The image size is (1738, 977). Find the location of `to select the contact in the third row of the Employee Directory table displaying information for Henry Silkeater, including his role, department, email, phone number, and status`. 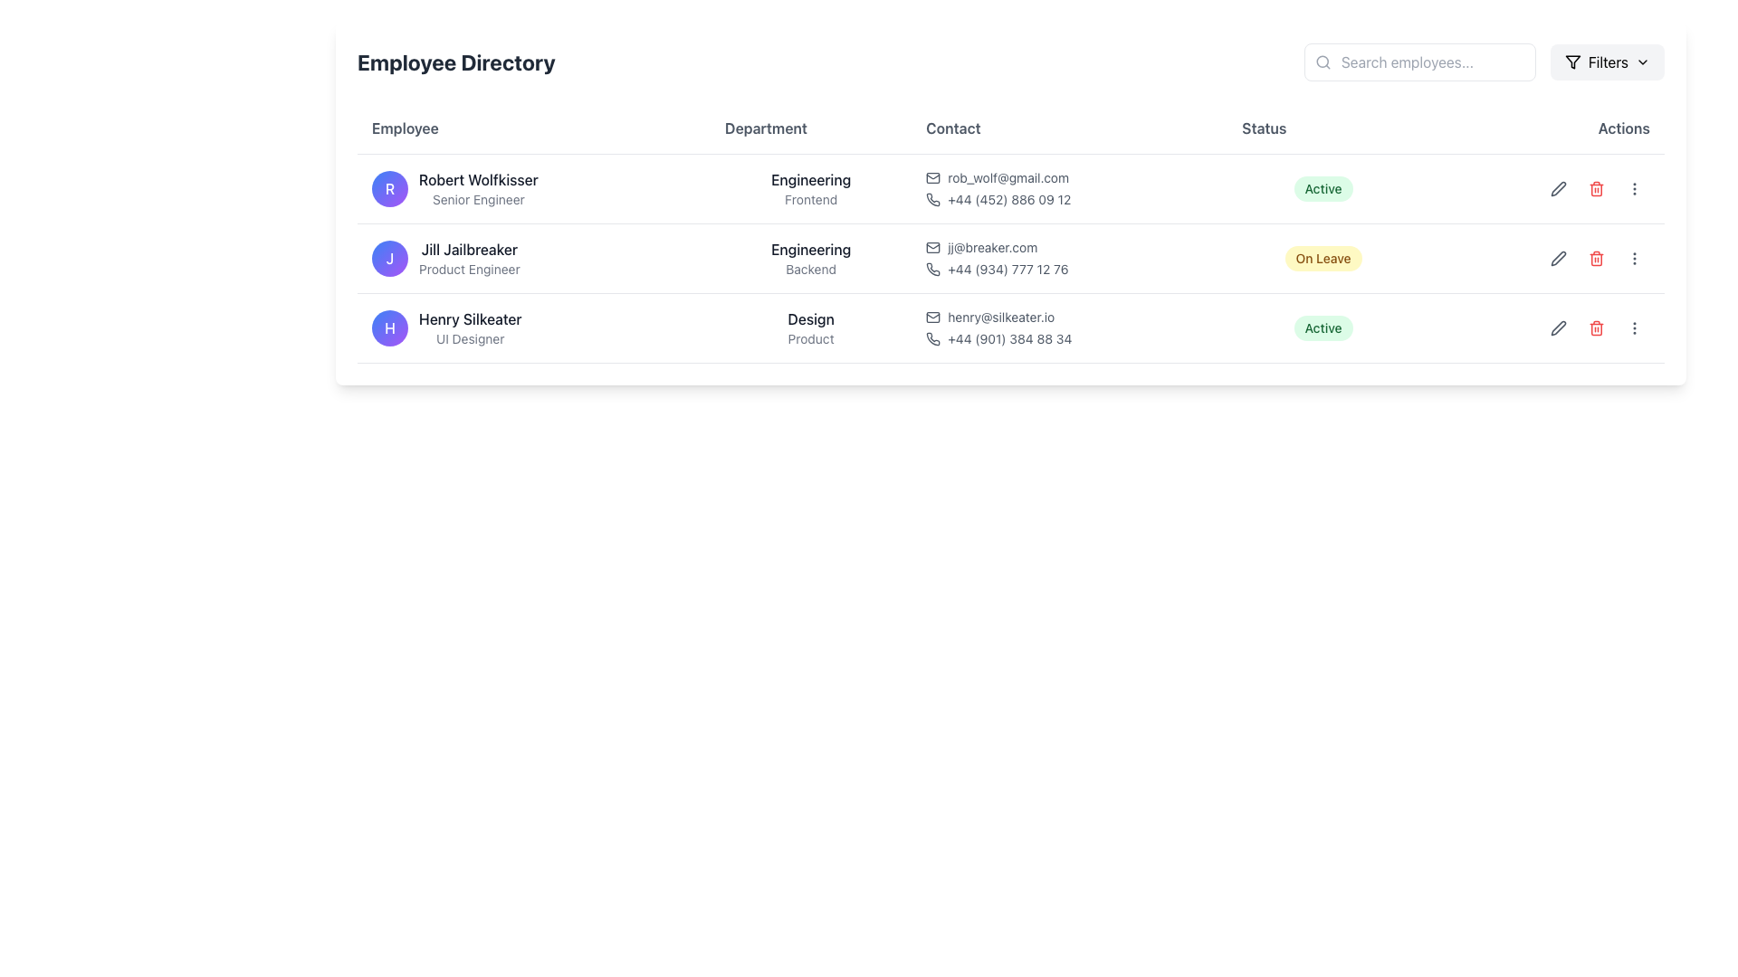

to select the contact in the third row of the Employee Directory table displaying information for Henry Silkeater, including his role, department, email, phone number, and status is located at coordinates (1010, 327).